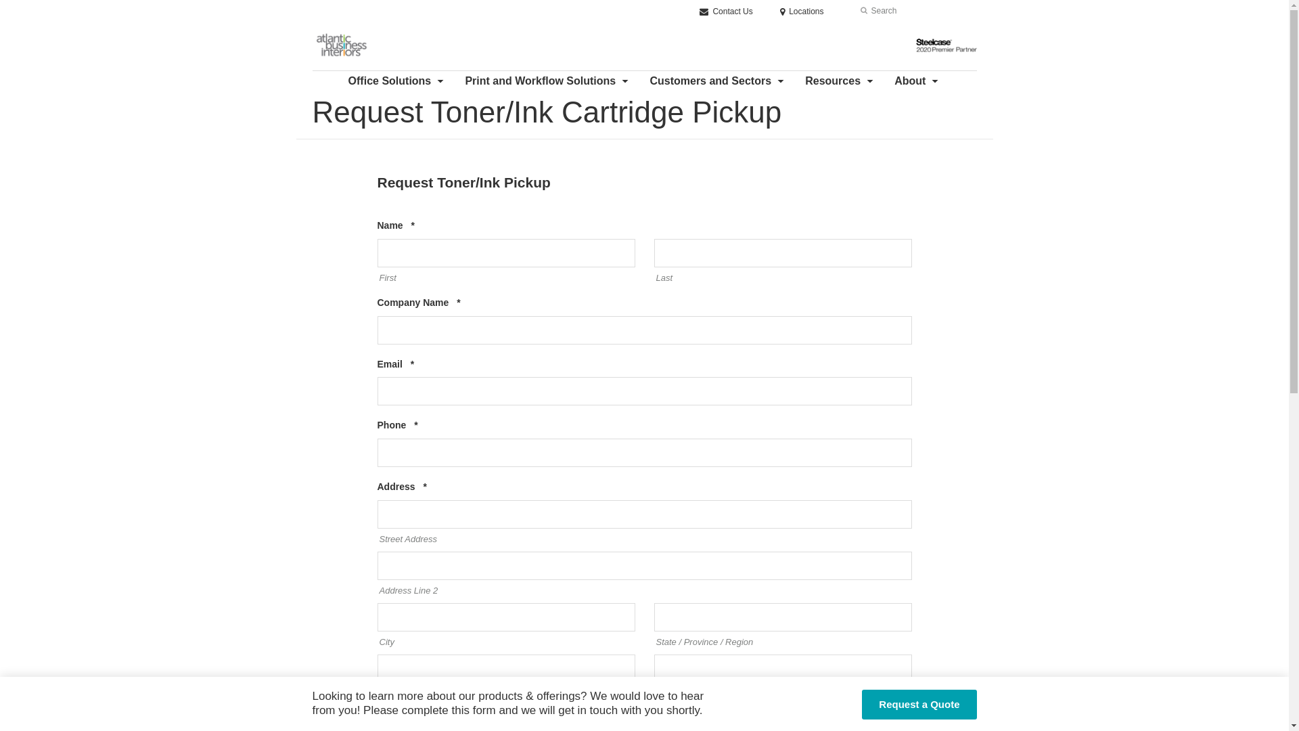 Image resolution: width=1299 pixels, height=731 pixels. Describe the element at coordinates (802, 11) in the screenshot. I see `'Locations'` at that location.